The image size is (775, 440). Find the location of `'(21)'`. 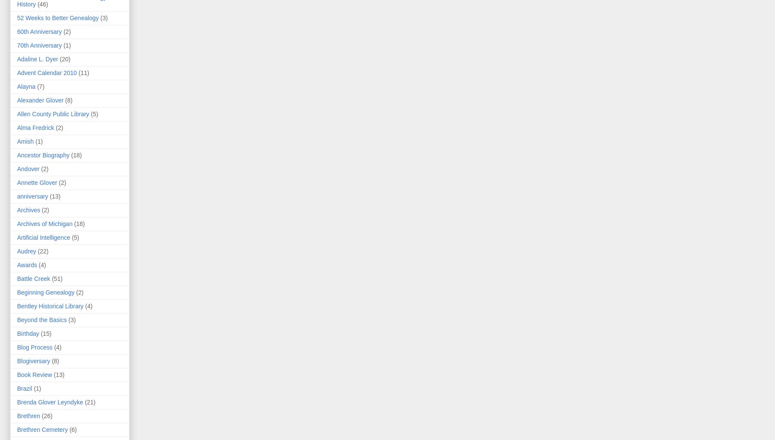

'(21)' is located at coordinates (84, 402).